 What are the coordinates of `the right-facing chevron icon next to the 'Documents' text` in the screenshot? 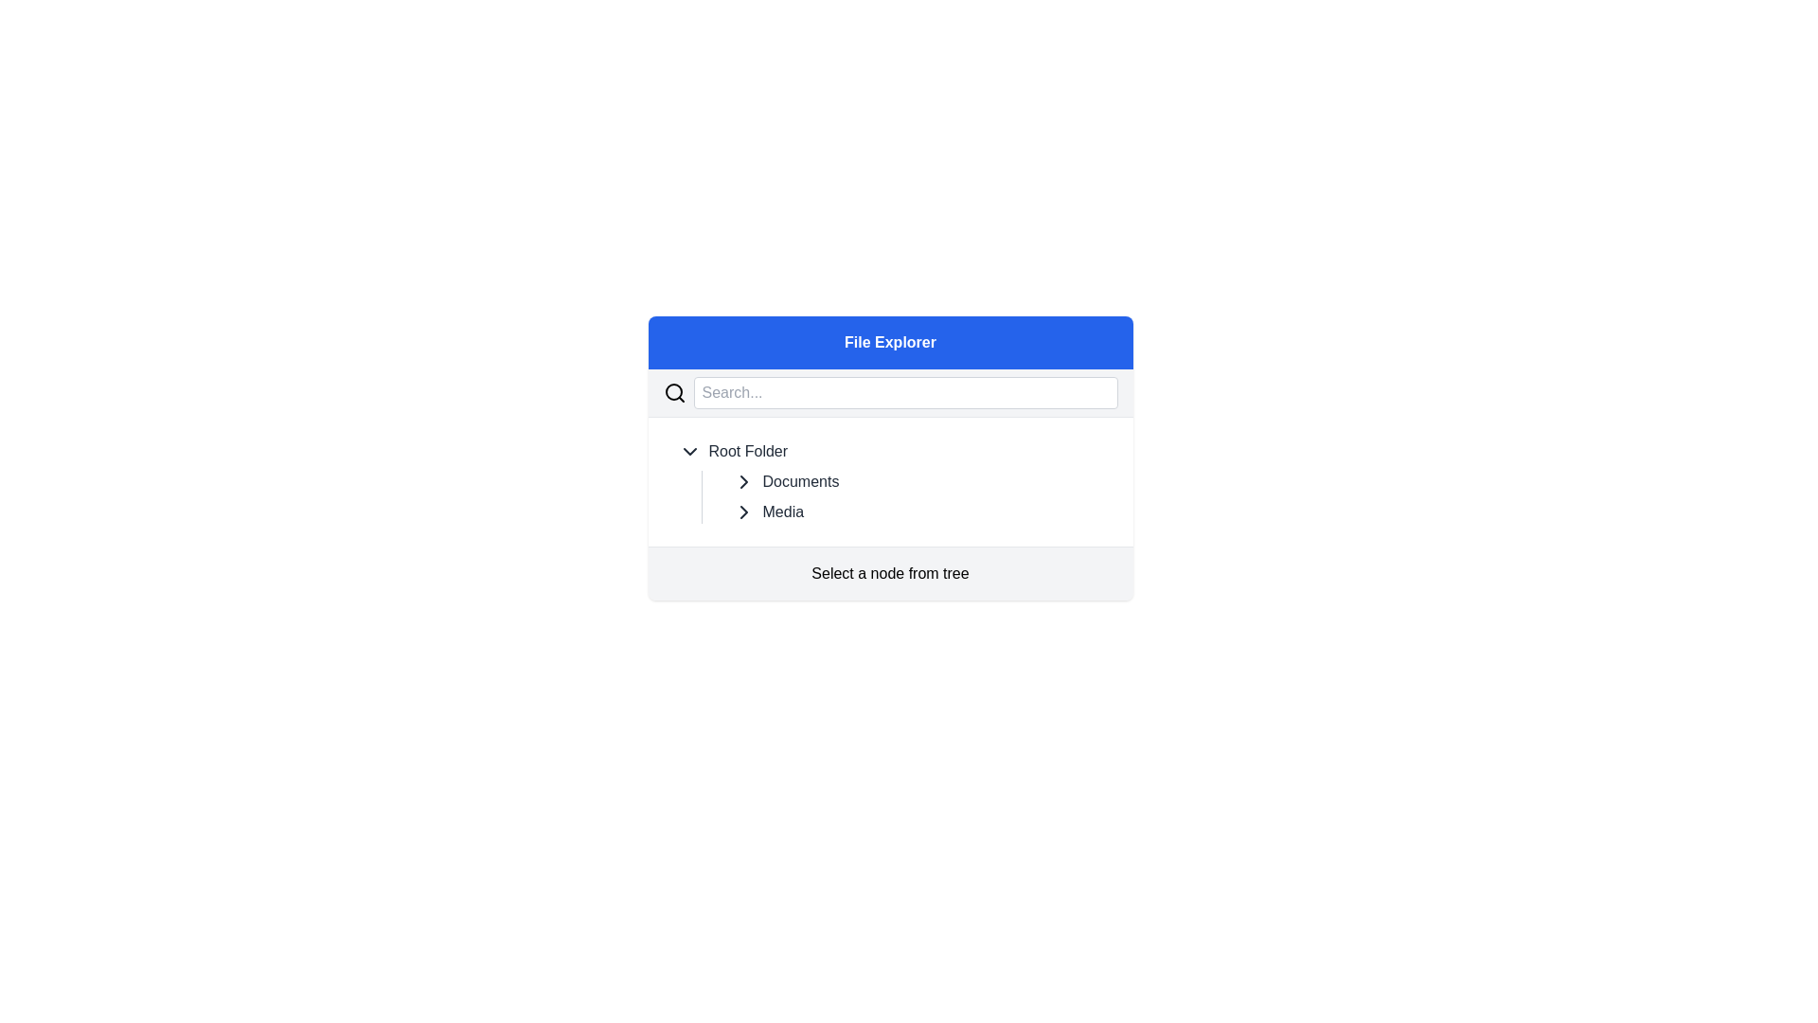 It's located at (742, 481).